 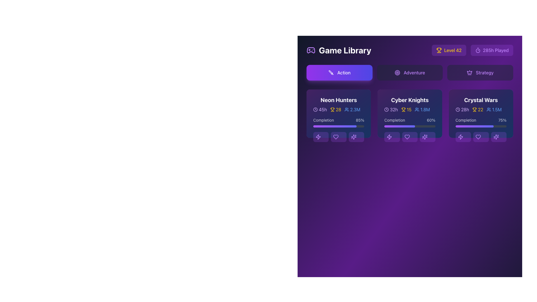 What do you see at coordinates (318, 137) in the screenshot?
I see `the lightning bolt icon embedded in the leftmost button under the 'Neon Hunters' game in the 'Game Library' interface` at bounding box center [318, 137].